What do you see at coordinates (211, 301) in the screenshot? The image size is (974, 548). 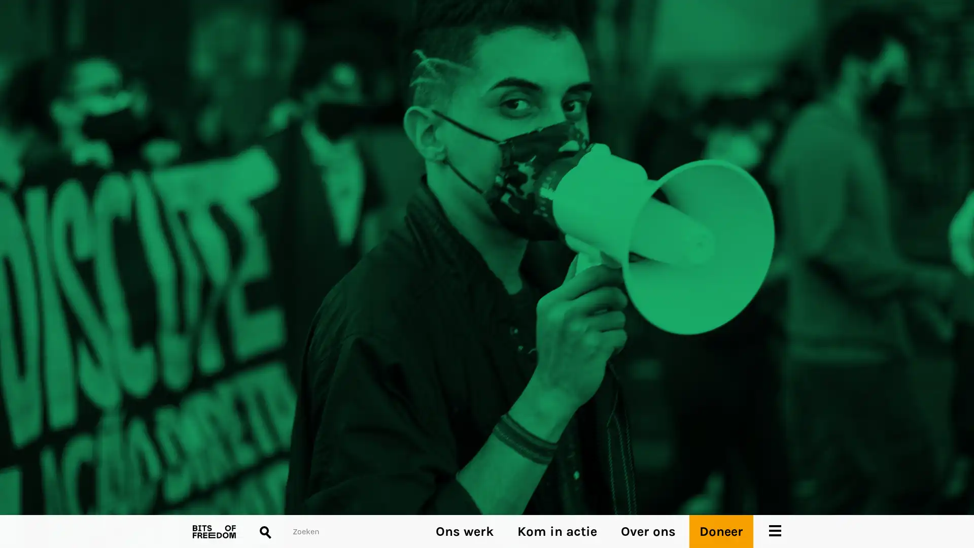 I see `Abonneren!` at bounding box center [211, 301].